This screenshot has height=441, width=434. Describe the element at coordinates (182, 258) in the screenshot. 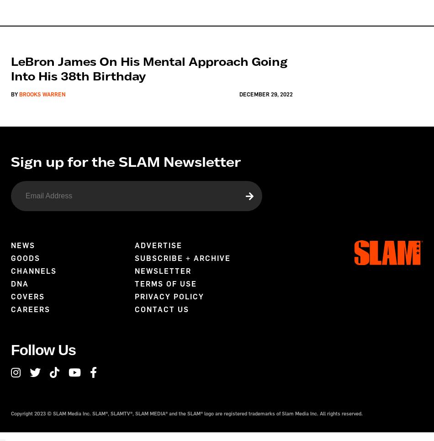

I see `'Subscribe + Archive'` at that location.